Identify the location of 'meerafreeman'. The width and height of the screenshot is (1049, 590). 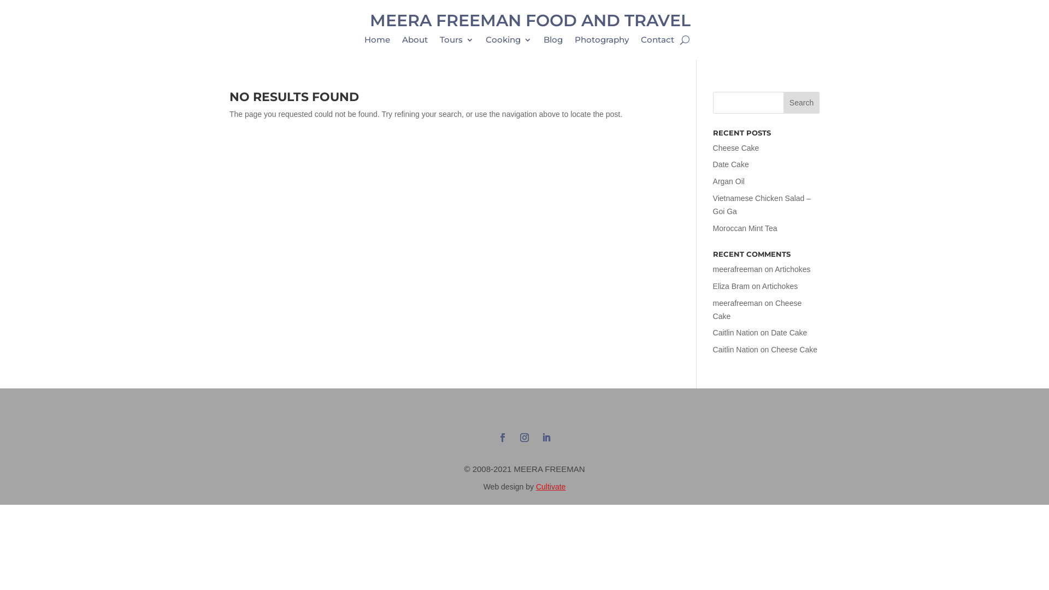
(738, 303).